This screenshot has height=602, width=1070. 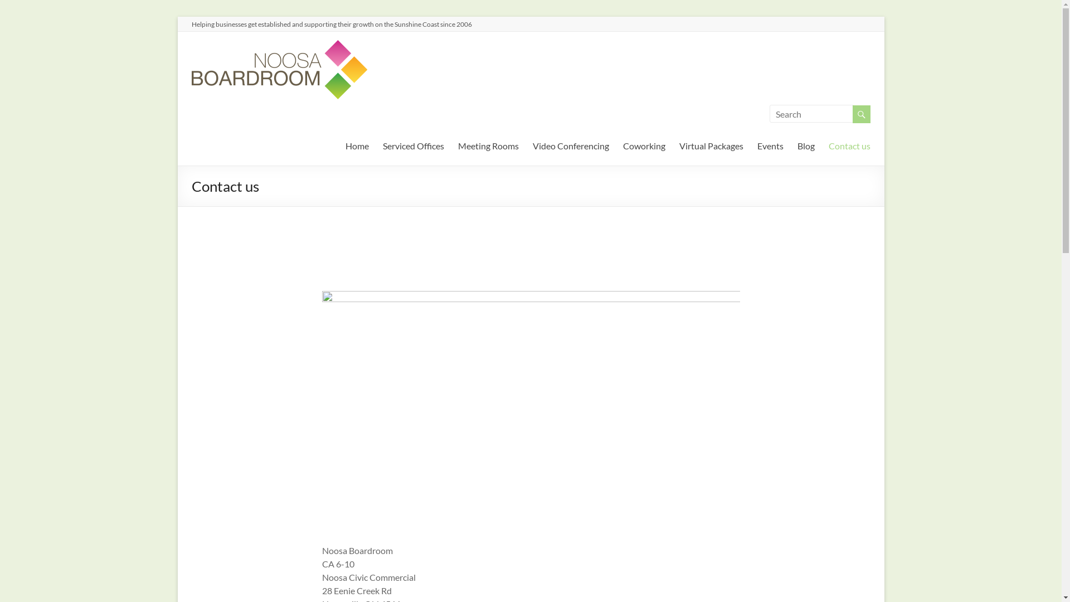 What do you see at coordinates (848, 143) in the screenshot?
I see `'Contact us'` at bounding box center [848, 143].